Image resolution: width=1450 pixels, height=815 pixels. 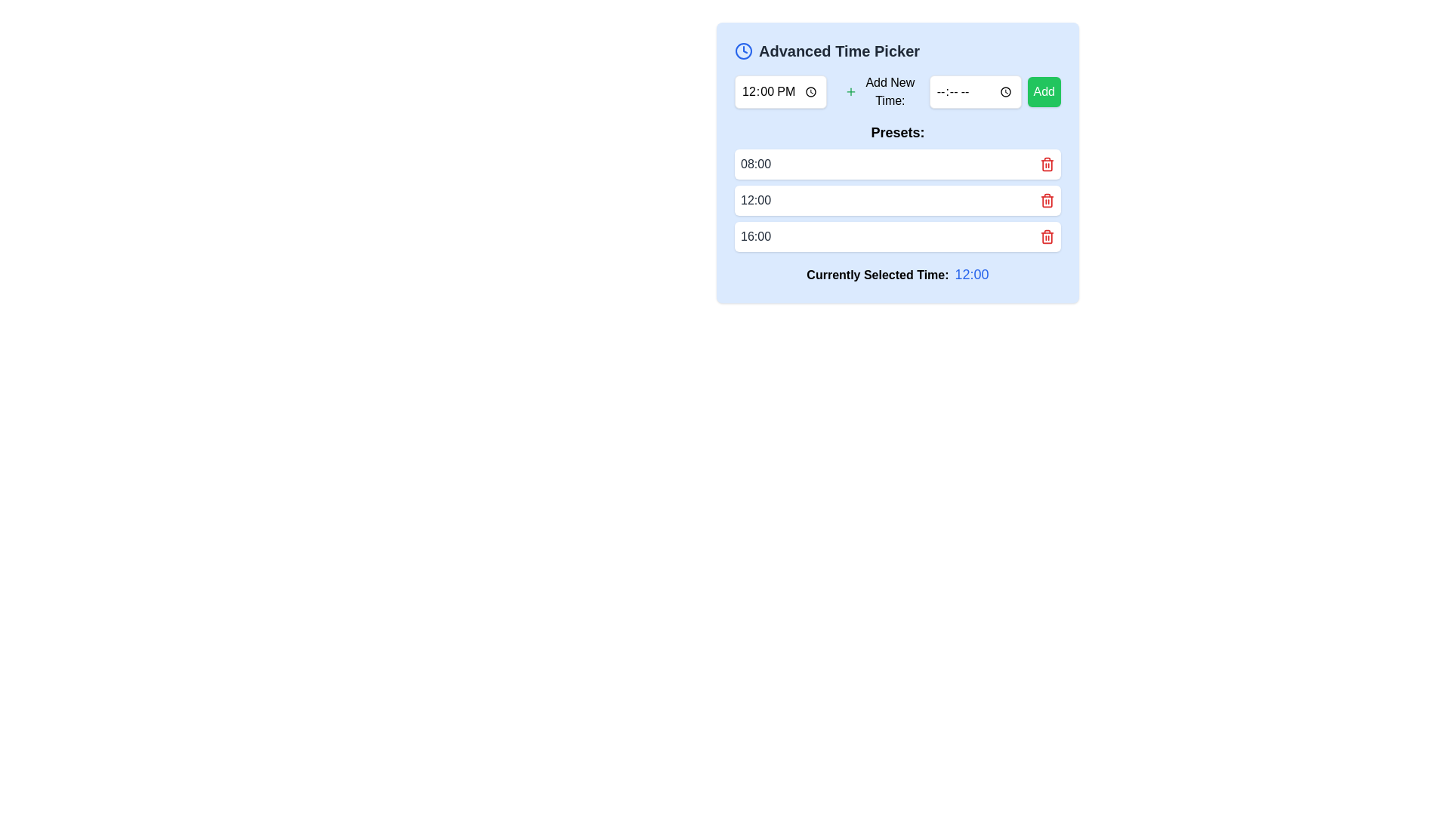 I want to click on outermost SVG circle of the clock icon with a blue outline located at the top left corner of the 'Advanced Time Picker' panel using developer tools, so click(x=743, y=51).